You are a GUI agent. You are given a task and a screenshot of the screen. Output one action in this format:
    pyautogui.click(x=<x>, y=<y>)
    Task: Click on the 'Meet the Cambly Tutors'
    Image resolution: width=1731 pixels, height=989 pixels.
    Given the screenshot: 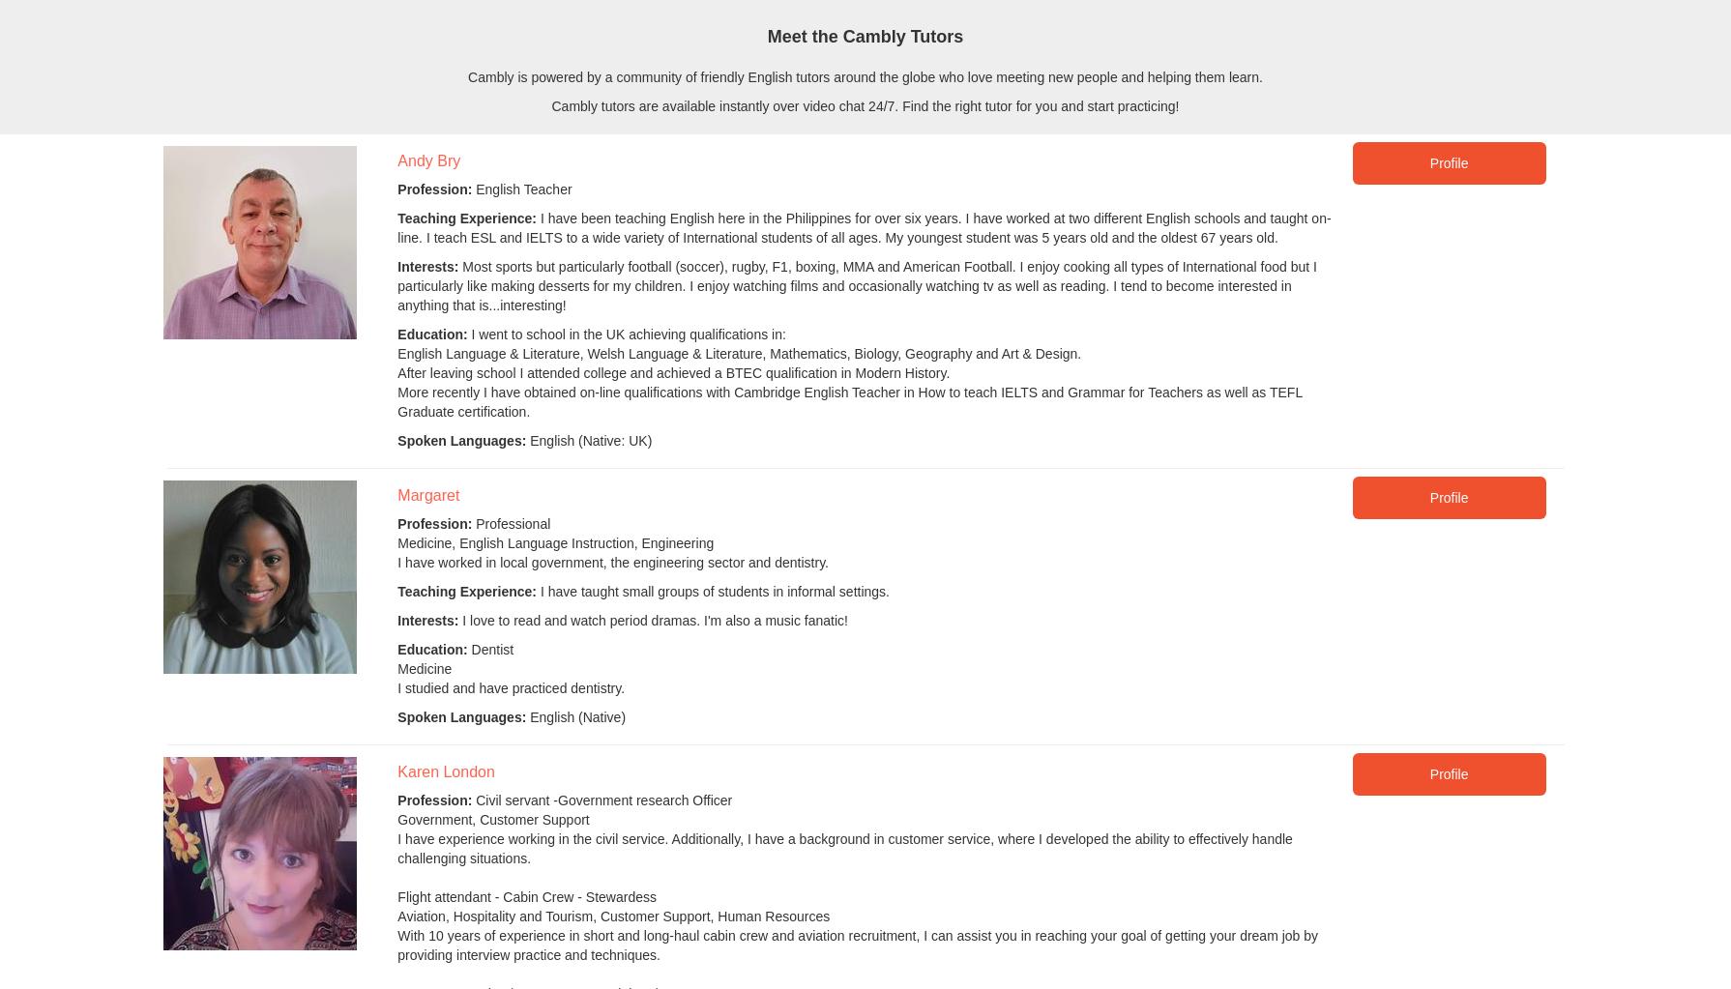 What is the action you would take?
    pyautogui.click(x=864, y=36)
    